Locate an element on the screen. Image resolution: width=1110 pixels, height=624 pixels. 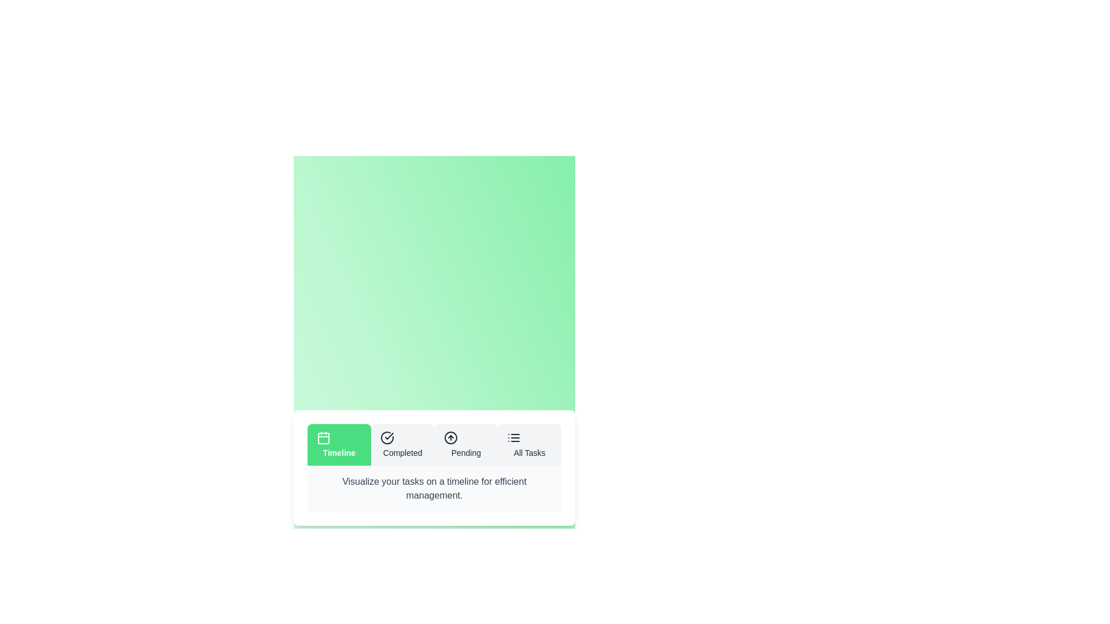
the Pending tab by clicking on the corresponding tab button is located at coordinates (466, 444).